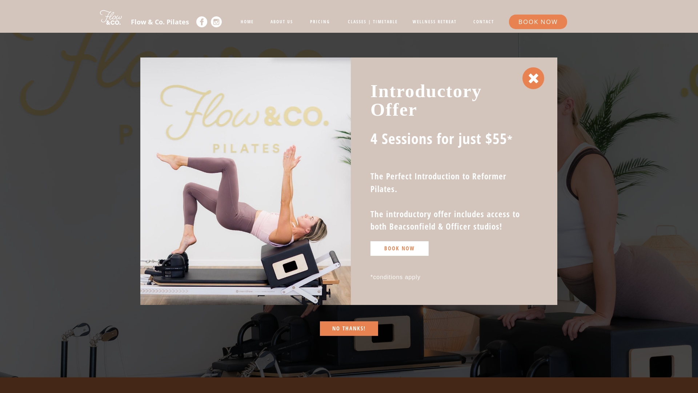 The image size is (698, 393). What do you see at coordinates (483, 21) in the screenshot?
I see `'CONTACT'` at bounding box center [483, 21].